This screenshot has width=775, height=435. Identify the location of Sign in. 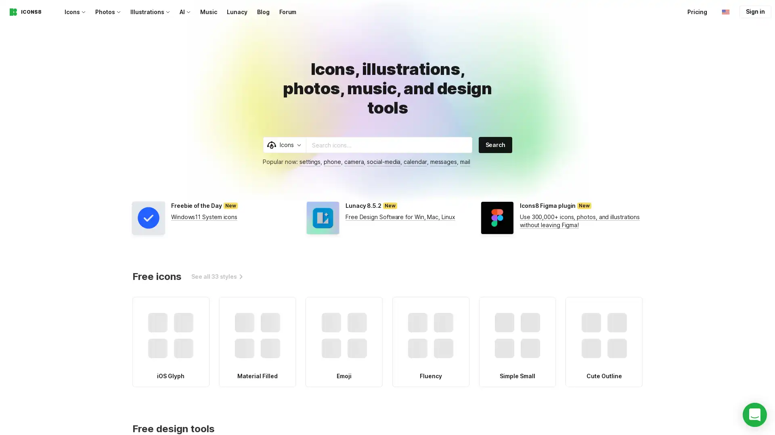
(755, 12).